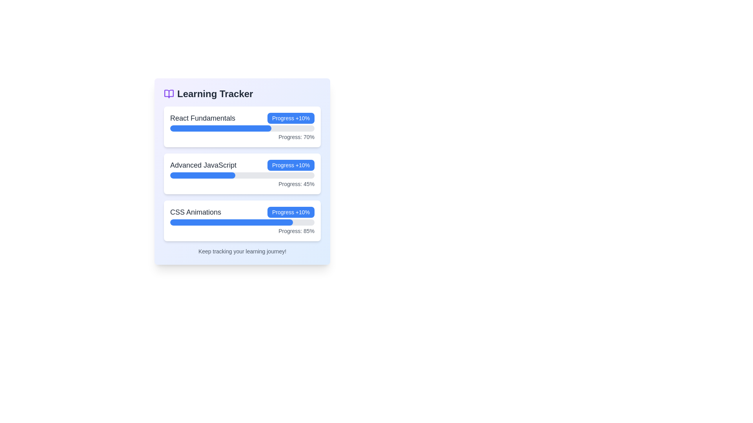 The image size is (753, 423). Describe the element at coordinates (290, 164) in the screenshot. I see `the 'Progress +10%' button, which is a rectangular button with a blue background and white text, located to the right of 'Advanced JavaScript' in the 'Learning Tracker' interface` at that location.